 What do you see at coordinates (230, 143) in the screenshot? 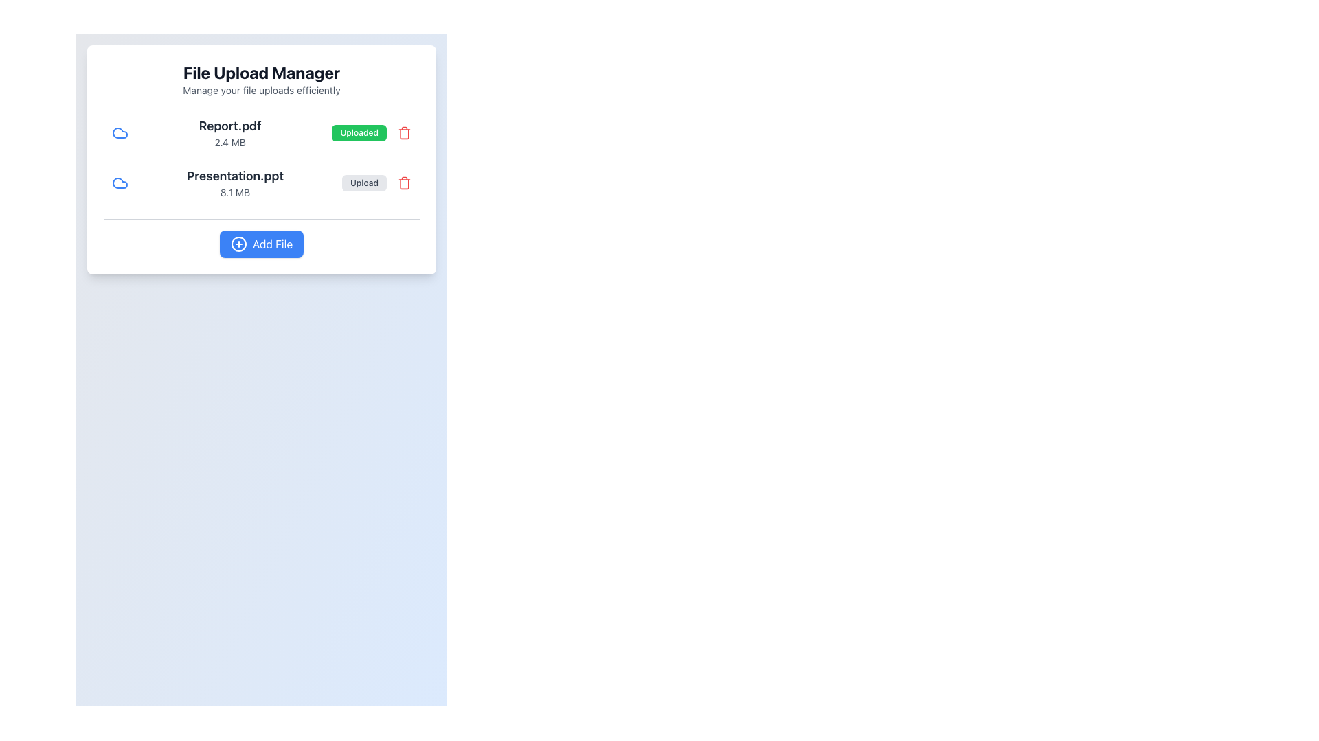
I see `the static label displaying the file size for 'Report.pdf' located in the 'File Upload Manager' interface, positioned directly below the filename` at bounding box center [230, 143].